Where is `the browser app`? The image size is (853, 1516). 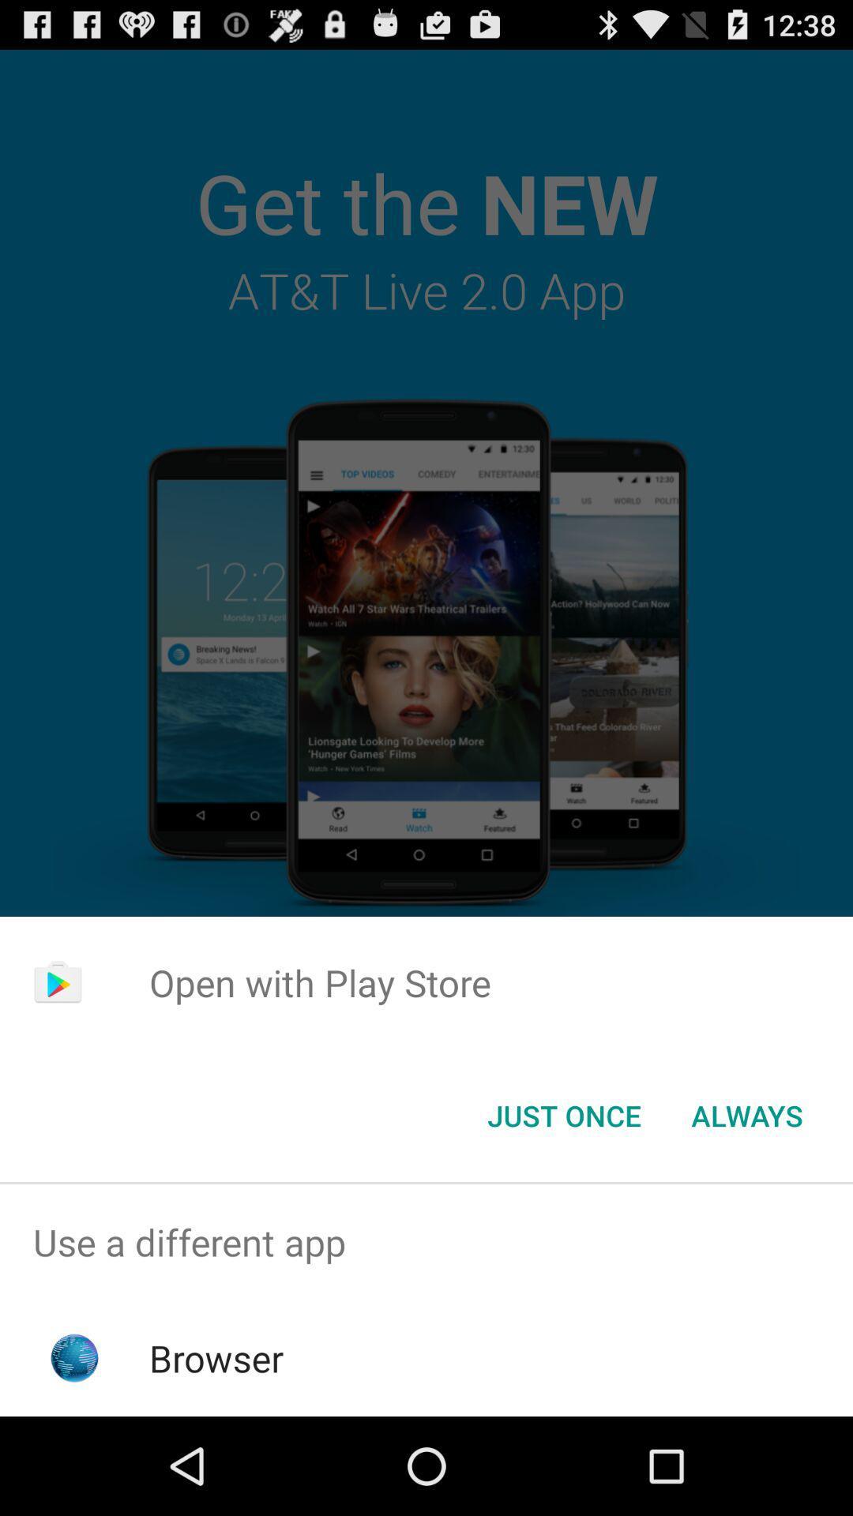
the browser app is located at coordinates (216, 1357).